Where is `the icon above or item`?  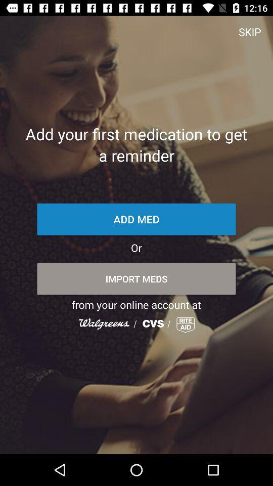 the icon above or item is located at coordinates (136, 219).